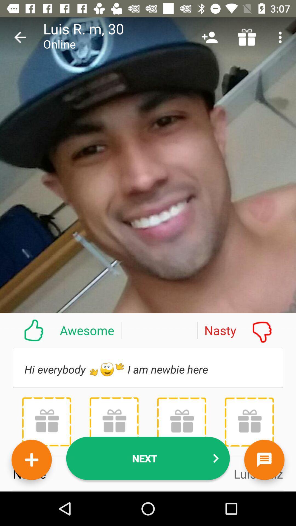 Image resolution: width=296 pixels, height=526 pixels. Describe the element at coordinates (249, 422) in the screenshot. I see `send a gift` at that location.